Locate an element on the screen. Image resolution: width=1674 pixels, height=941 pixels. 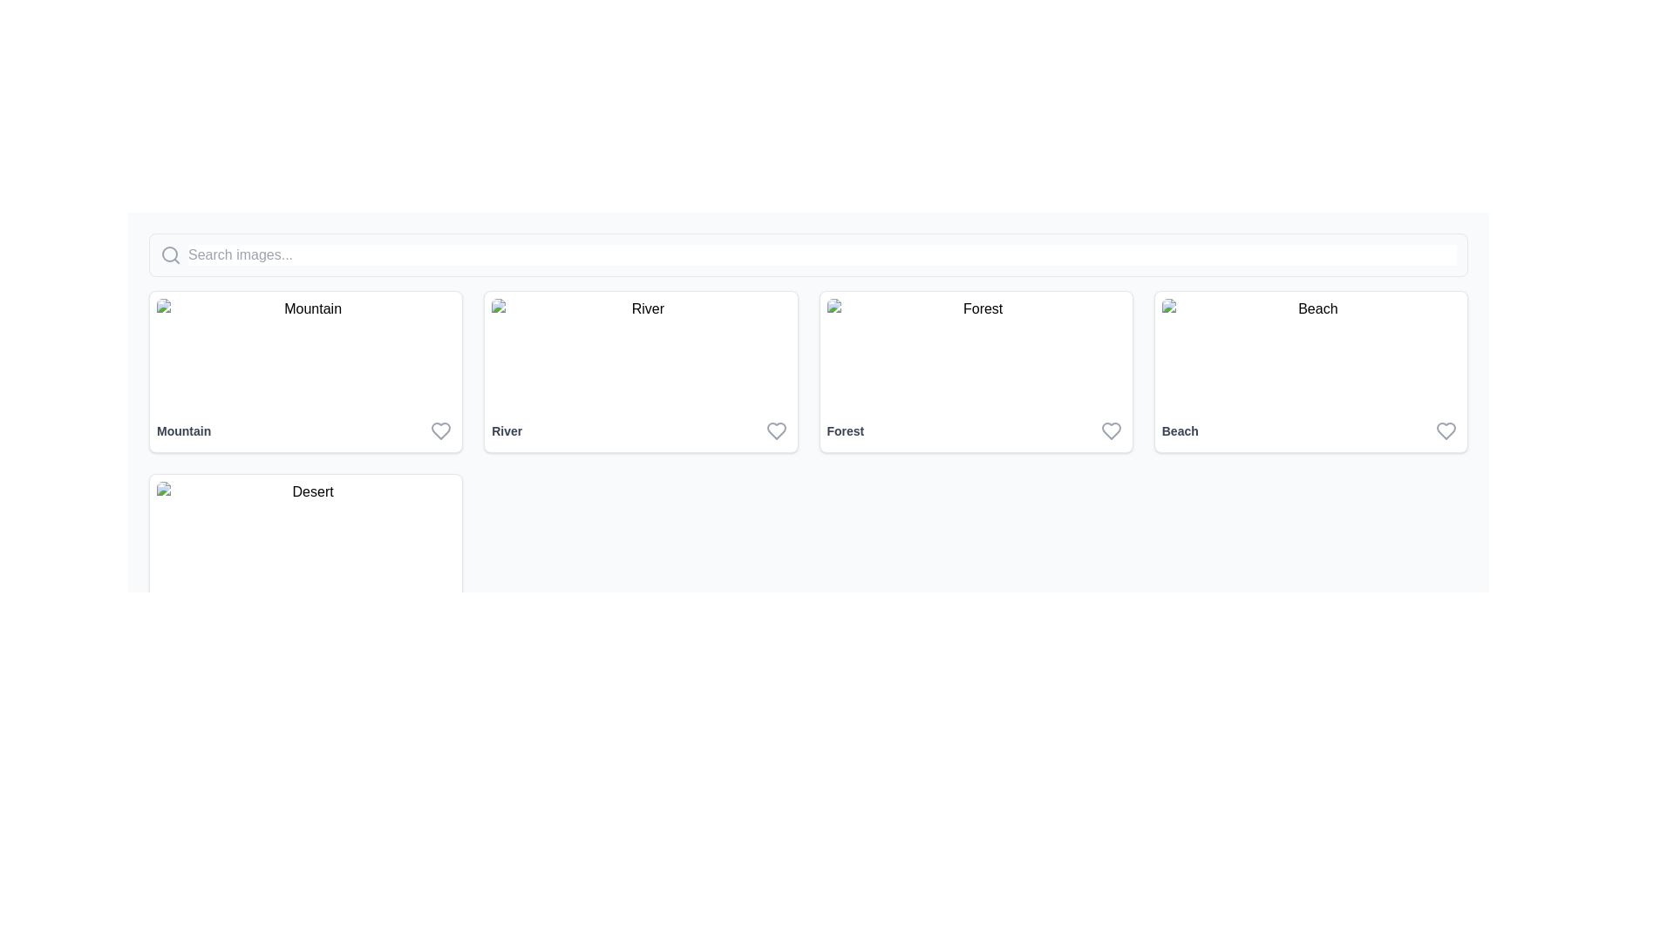
the 'Desert' card located in the bottom row, leftmost column of the grid layout is located at coordinates (306, 554).